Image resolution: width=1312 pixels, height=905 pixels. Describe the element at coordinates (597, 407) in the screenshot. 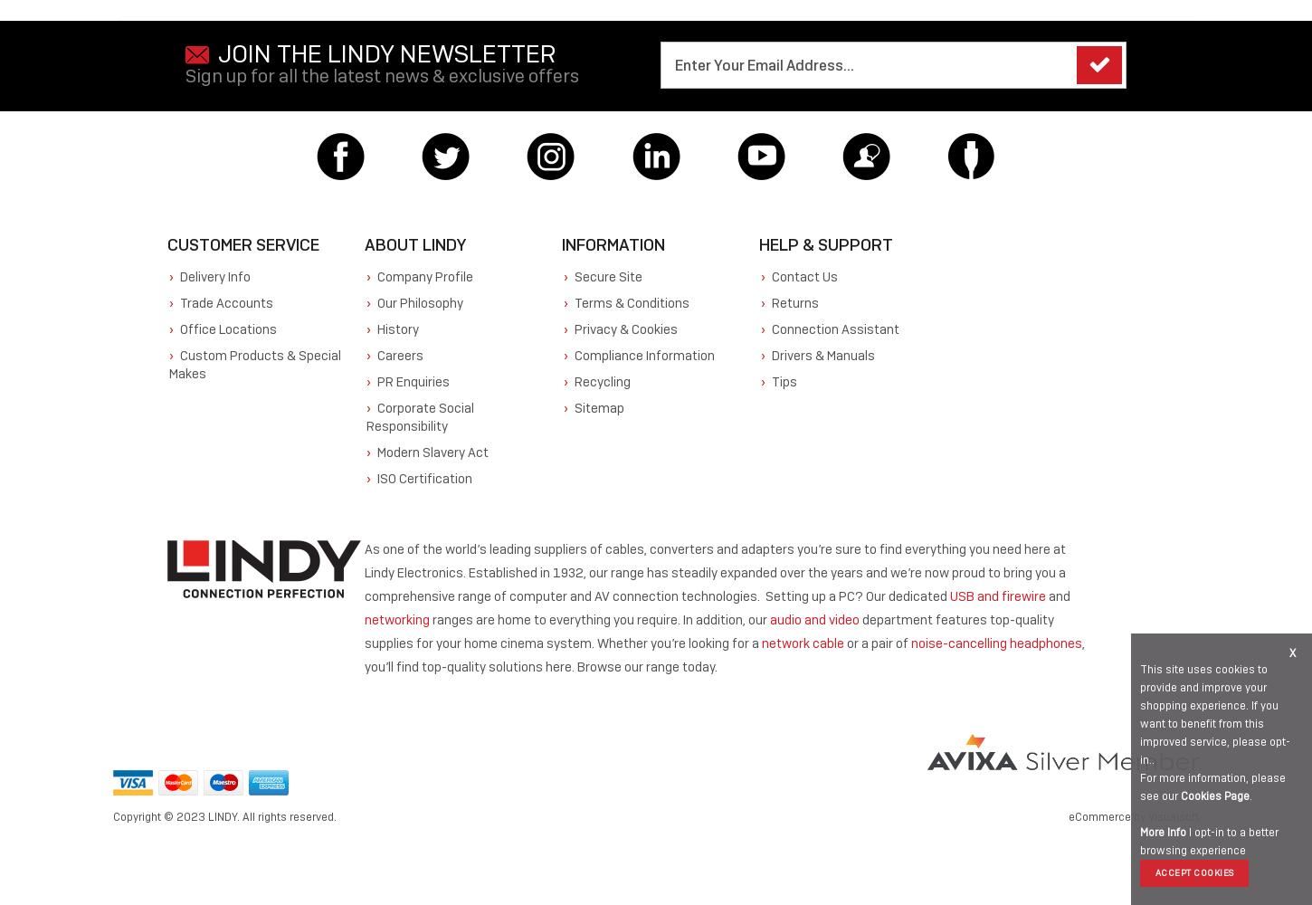

I see `'Sitemap'` at that location.